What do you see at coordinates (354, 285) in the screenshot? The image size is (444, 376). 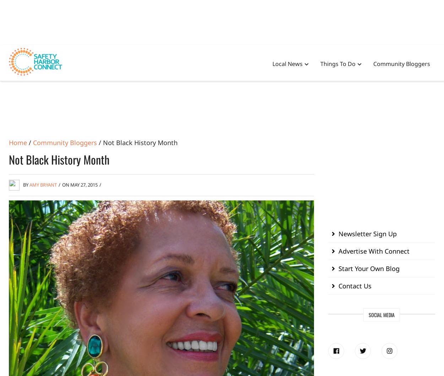 I see `'Contact Us'` at bounding box center [354, 285].